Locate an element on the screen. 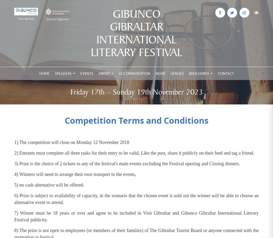 Image resolution: width=273 pixels, height=238 pixels. 'Home' is located at coordinates (44, 74).